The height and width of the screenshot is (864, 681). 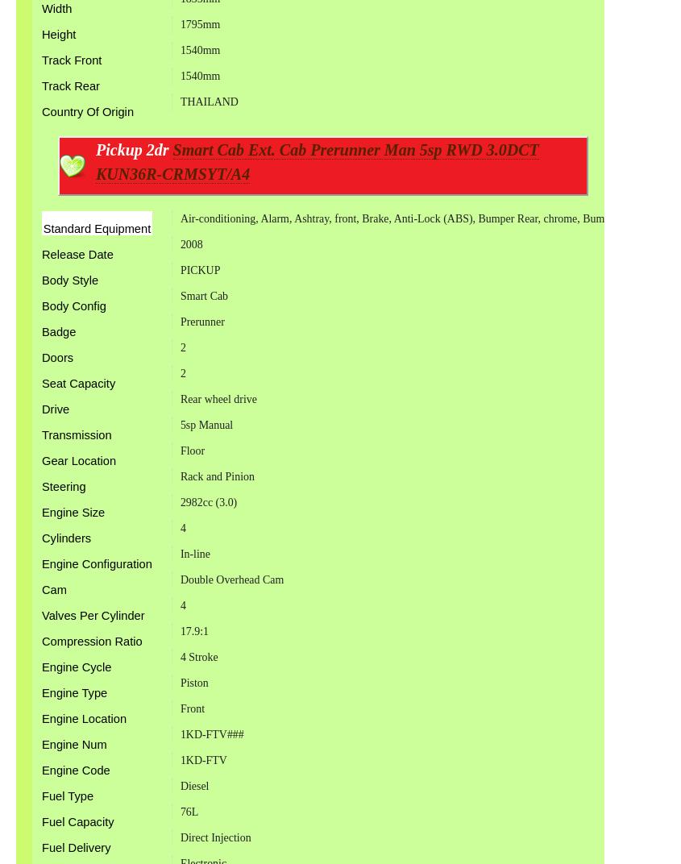 I want to click on '2008', so click(x=190, y=243).